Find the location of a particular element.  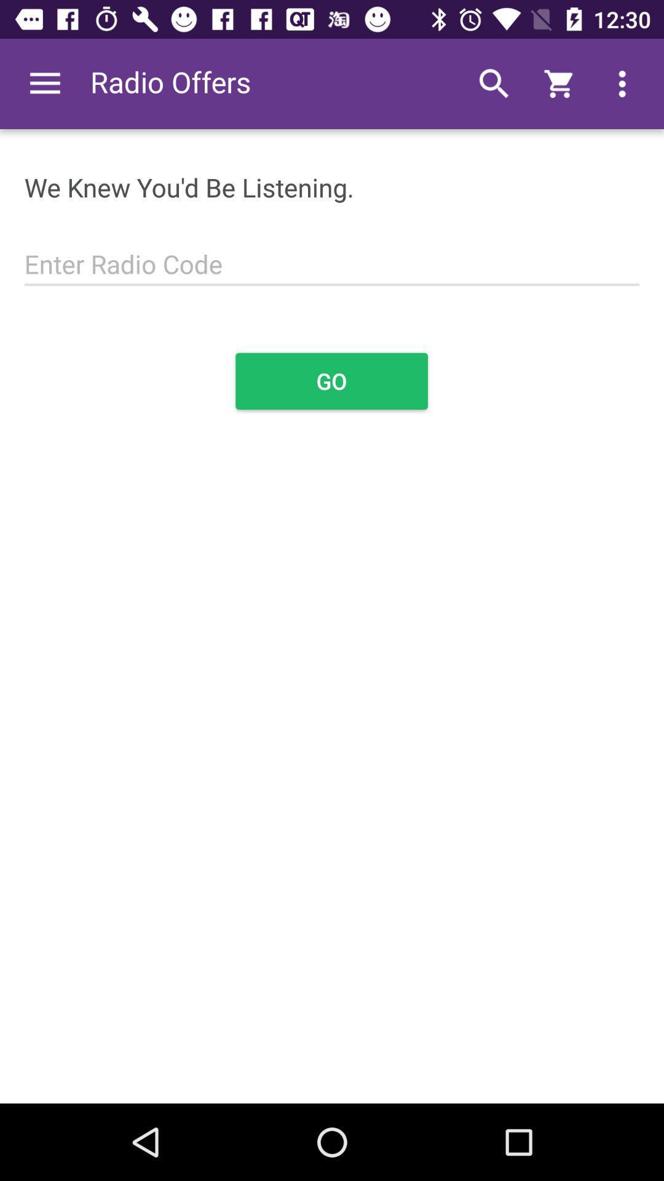

the item next to radio offers icon is located at coordinates (44, 83).